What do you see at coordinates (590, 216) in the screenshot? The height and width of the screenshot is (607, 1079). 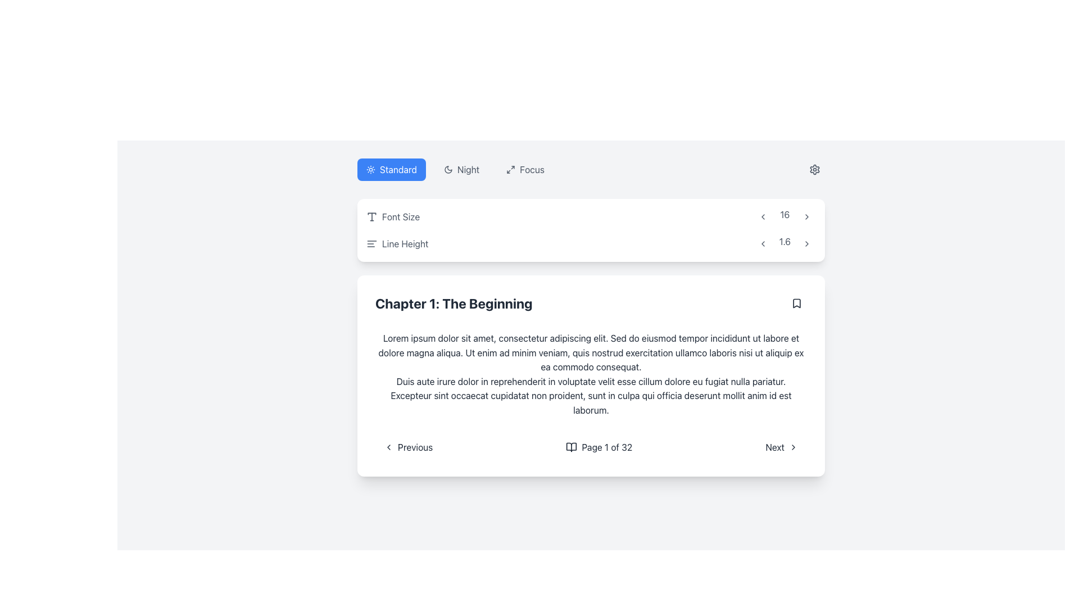 I see `the decrement arrow in the font size adjustment section, located in the top-left region of the white rounded rectangle above the 'Line Height' row` at bounding box center [590, 216].